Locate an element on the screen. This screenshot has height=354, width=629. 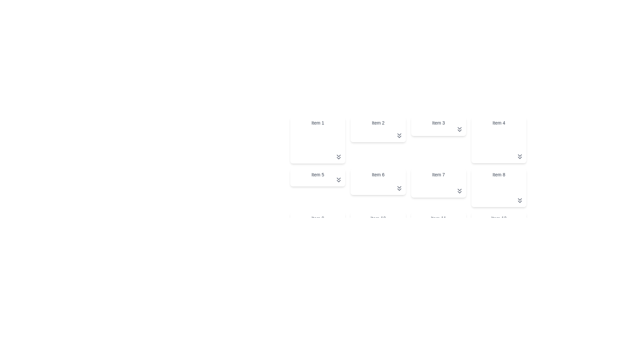
the interactive card located in the third row and third column of the grid layout is located at coordinates (438, 228).